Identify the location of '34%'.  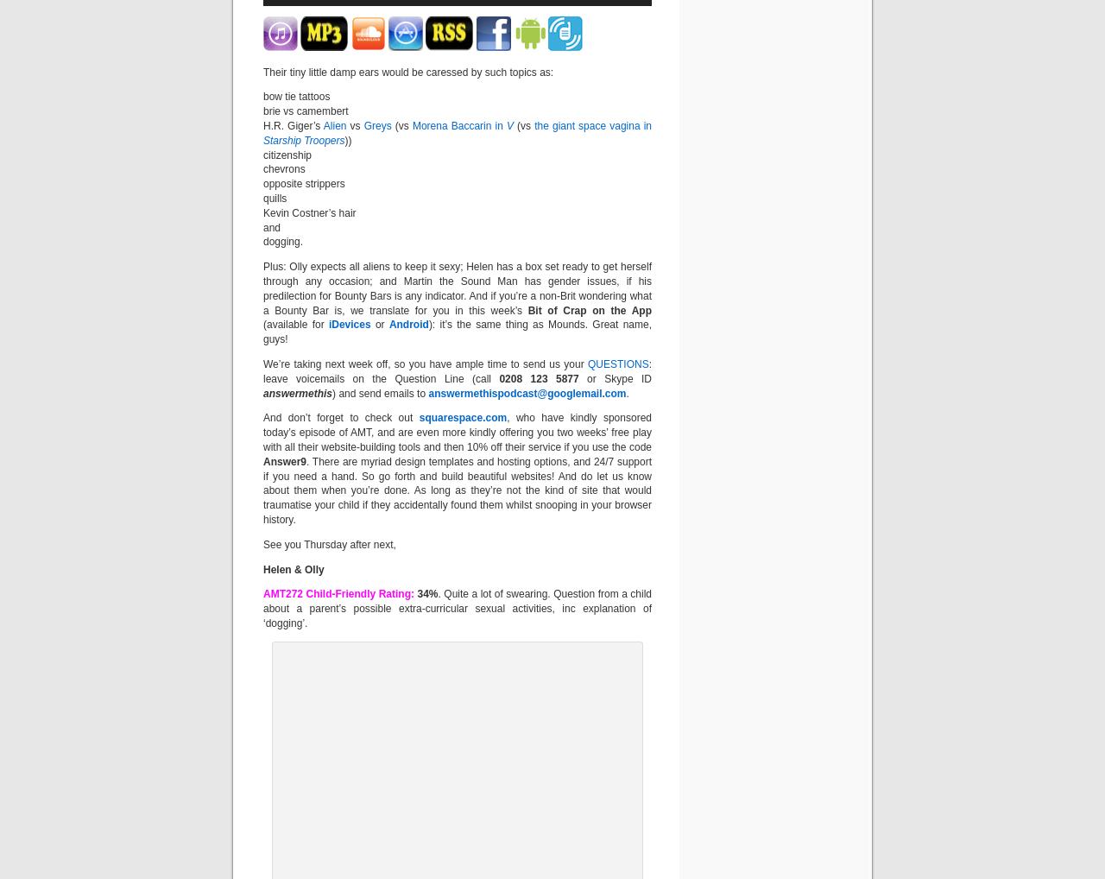
(426, 593).